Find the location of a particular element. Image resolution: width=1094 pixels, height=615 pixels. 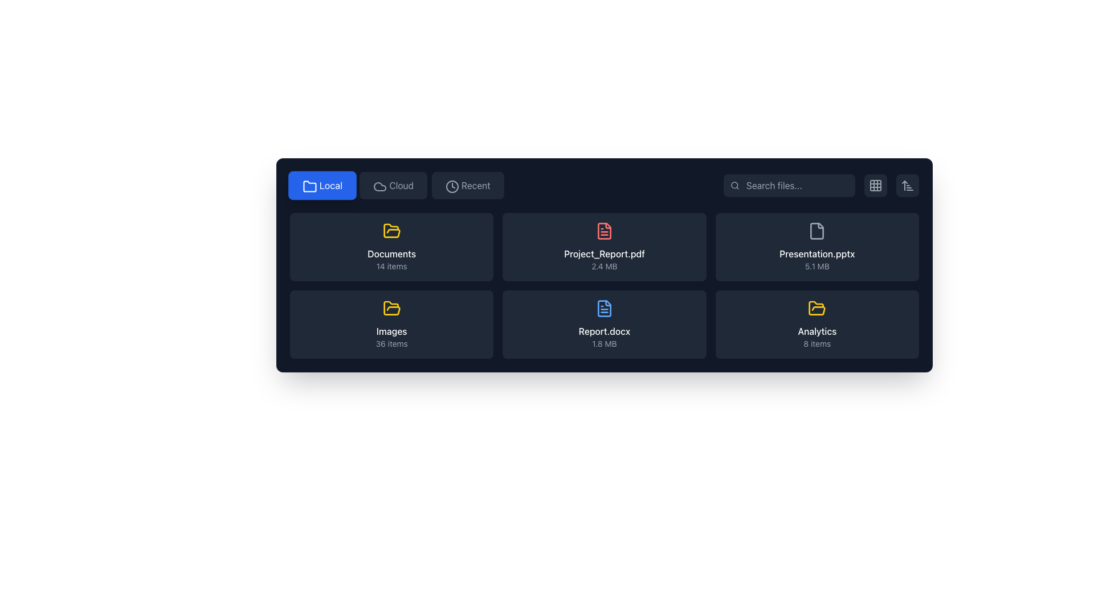

the label displaying the header 'Images' and the descriptive text '36 items', which is located in the bottom-left section of the grid layout, below the yellow folder icon is located at coordinates (391, 336).